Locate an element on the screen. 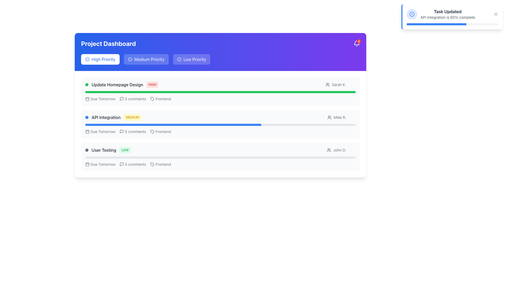  the label displaying 'Mike R.' with a user group icon, located in the 'API Integration' section of the project dashboard is located at coordinates (336, 117).